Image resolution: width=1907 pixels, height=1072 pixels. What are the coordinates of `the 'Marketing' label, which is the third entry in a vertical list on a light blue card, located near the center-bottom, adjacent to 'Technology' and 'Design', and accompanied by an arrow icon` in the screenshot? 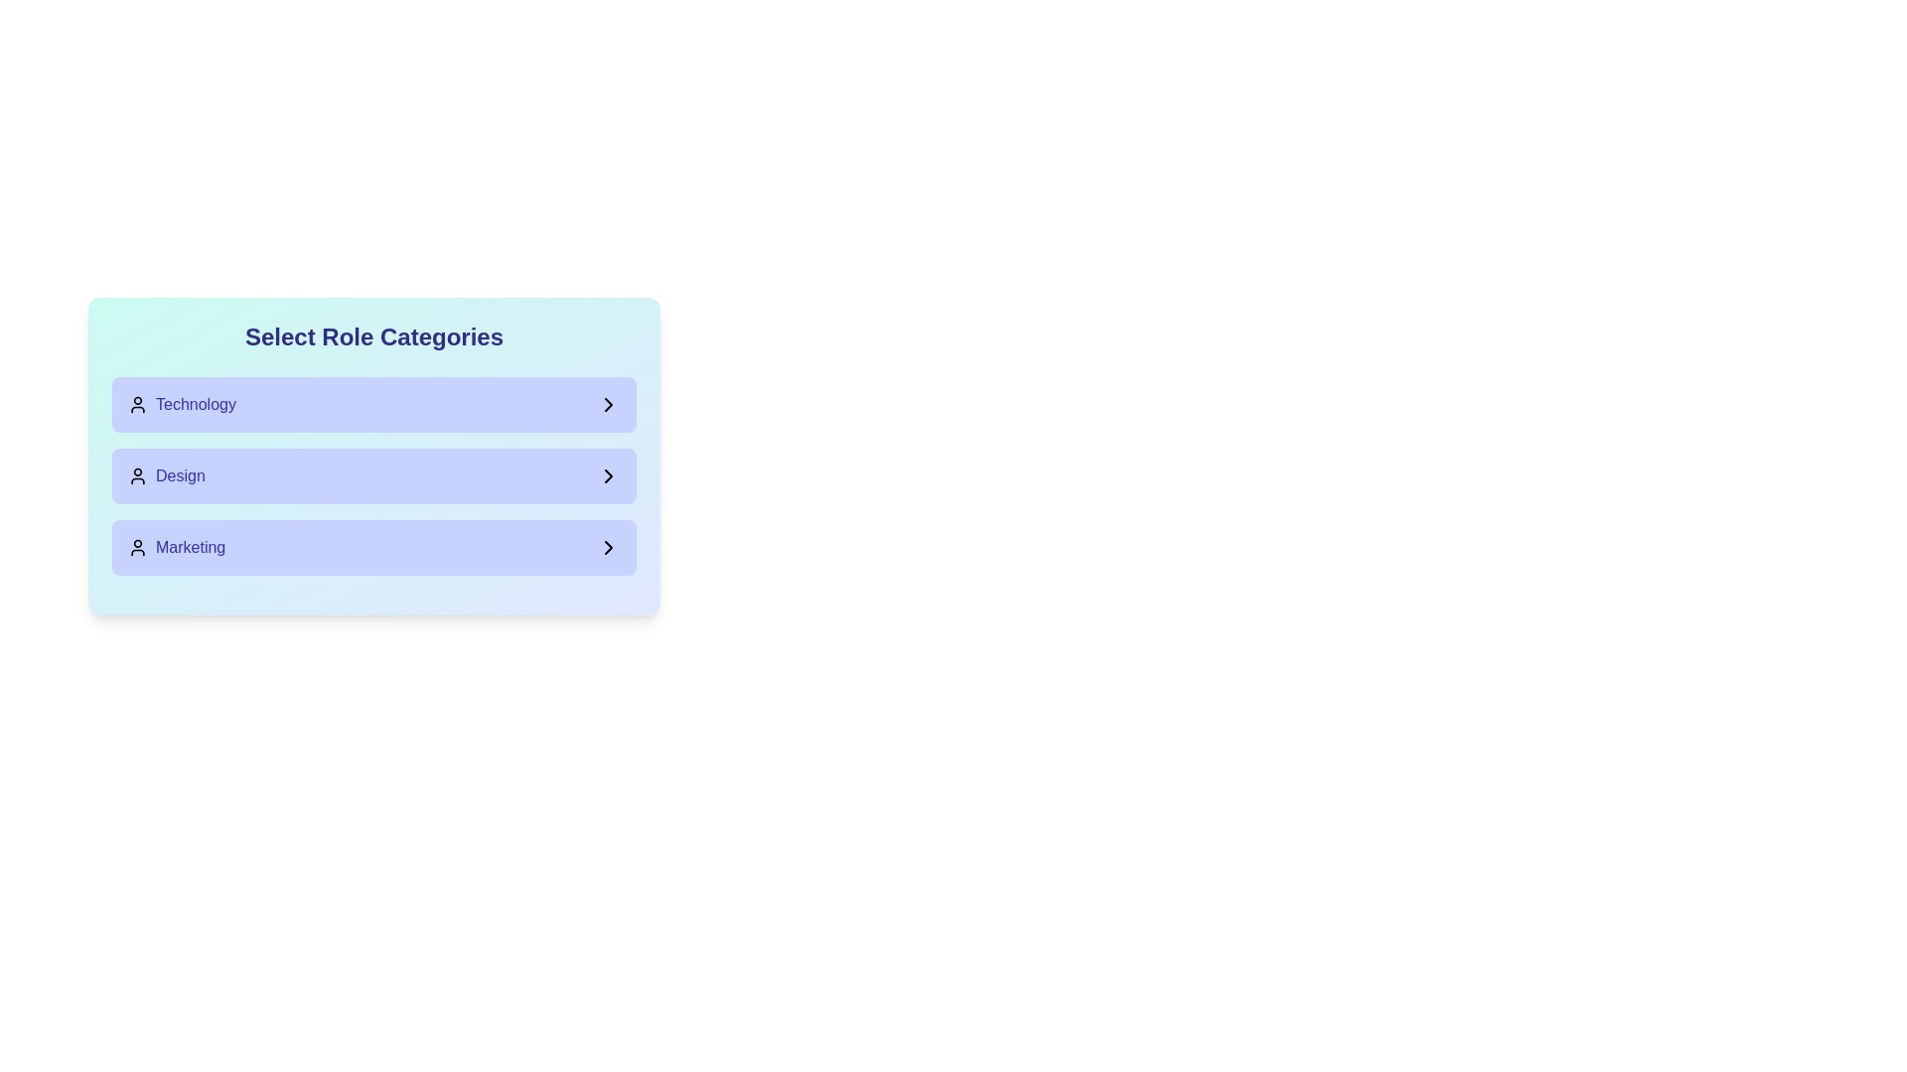 It's located at (191, 547).